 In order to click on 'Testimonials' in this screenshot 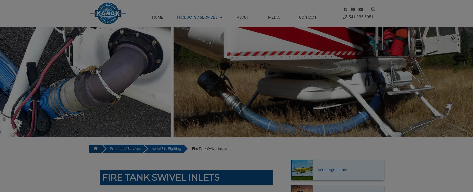, I will do `click(246, 82)`.